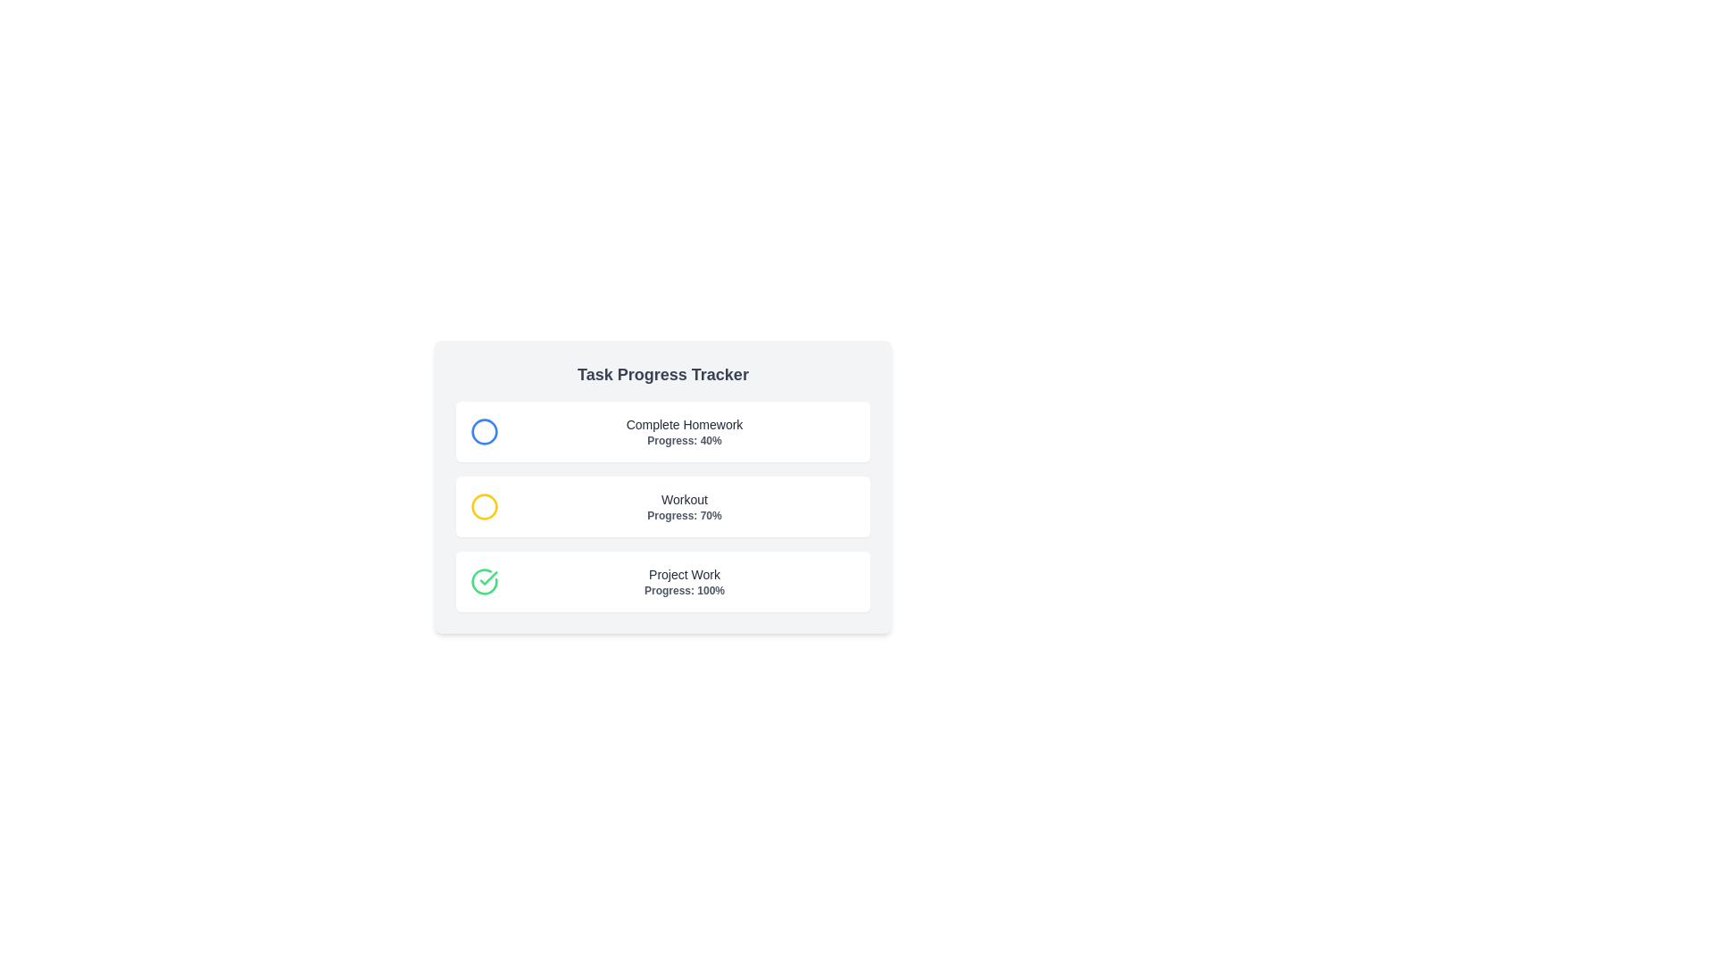 The height and width of the screenshot is (964, 1714). What do you see at coordinates (484, 506) in the screenshot?
I see `the small circular graphic with a yellow border located in the second row of the task list, centered on the 'Workout' item` at bounding box center [484, 506].